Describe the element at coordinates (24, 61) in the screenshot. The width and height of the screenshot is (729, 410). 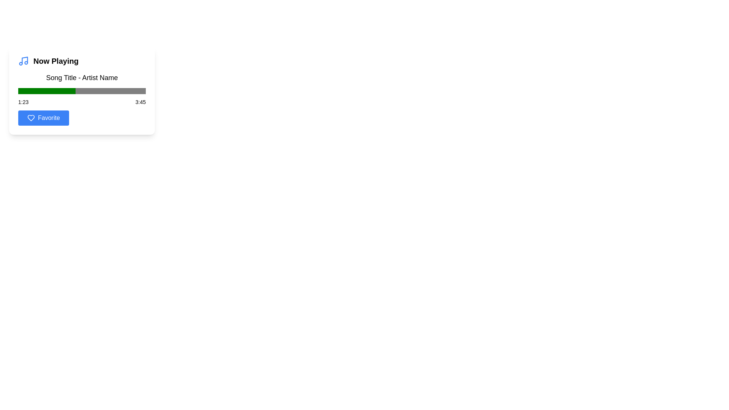
I see `the decorative musical icon located to the far left of the 'Now Playing' section in the interface` at that location.